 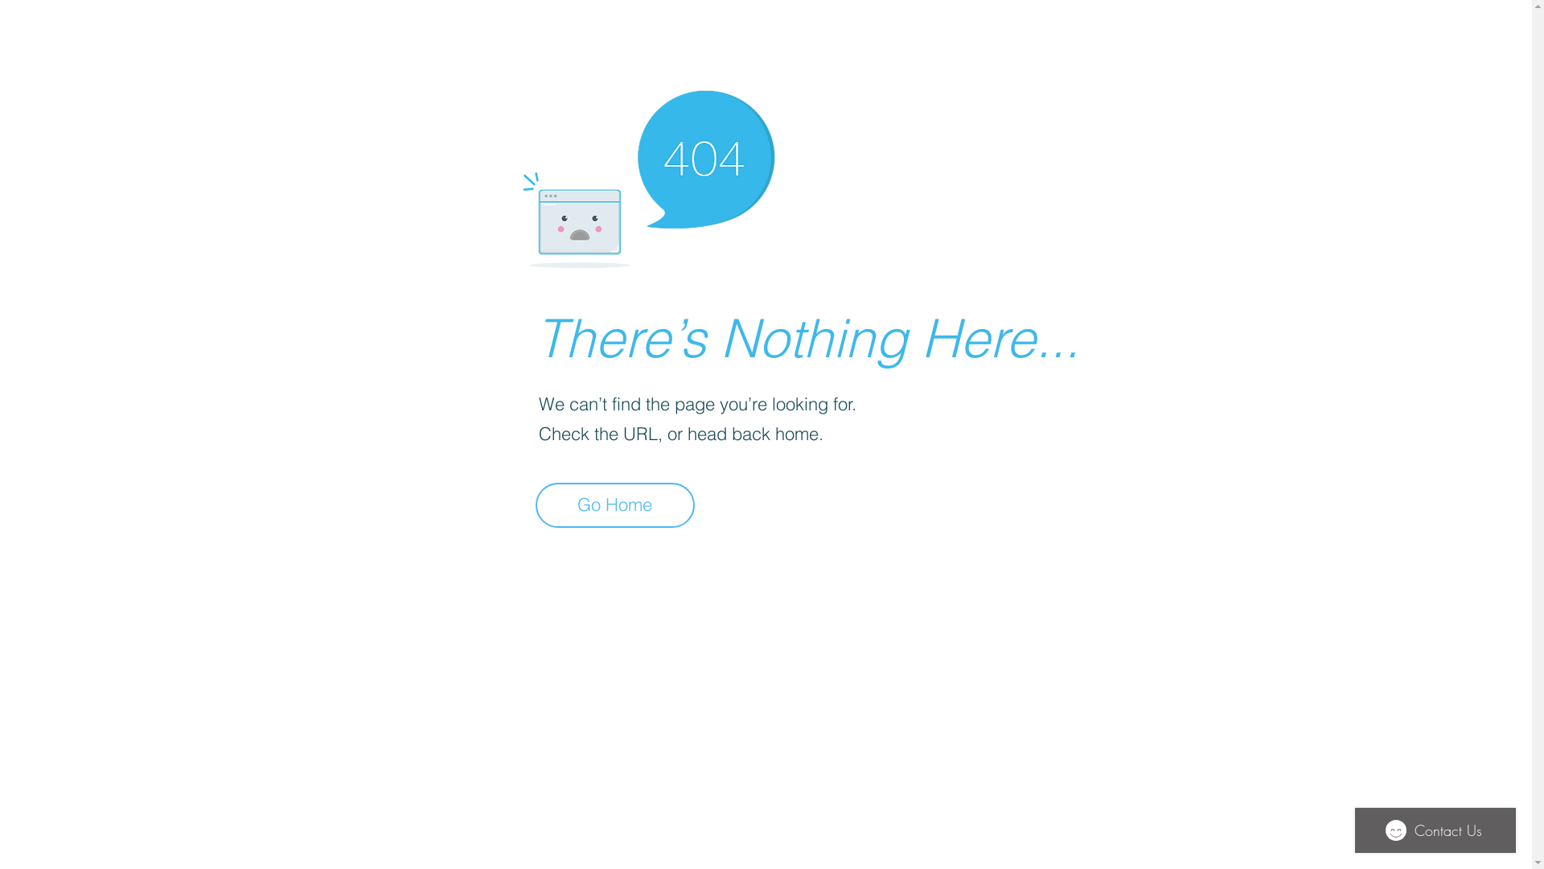 What do you see at coordinates (614, 505) in the screenshot?
I see `'Go Home'` at bounding box center [614, 505].